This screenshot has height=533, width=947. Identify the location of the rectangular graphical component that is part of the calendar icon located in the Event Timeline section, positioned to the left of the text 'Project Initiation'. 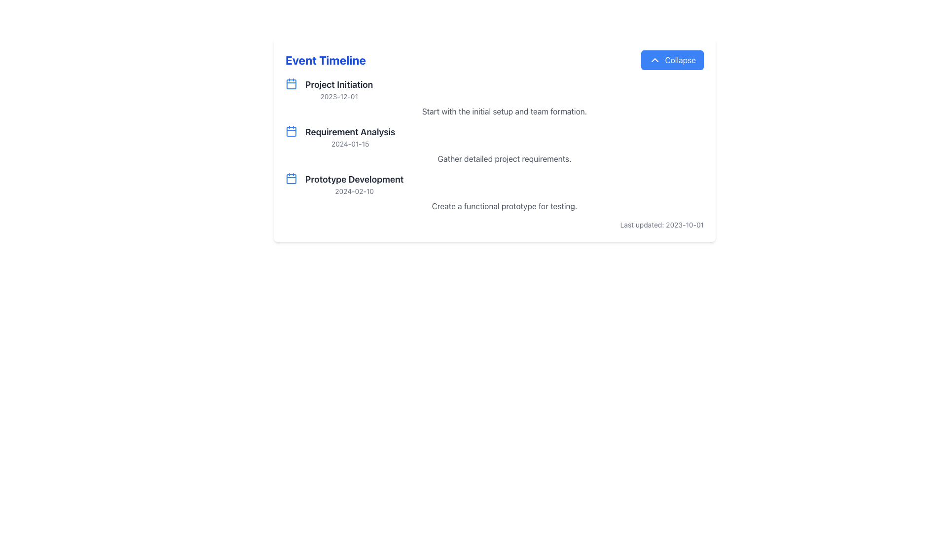
(291, 83).